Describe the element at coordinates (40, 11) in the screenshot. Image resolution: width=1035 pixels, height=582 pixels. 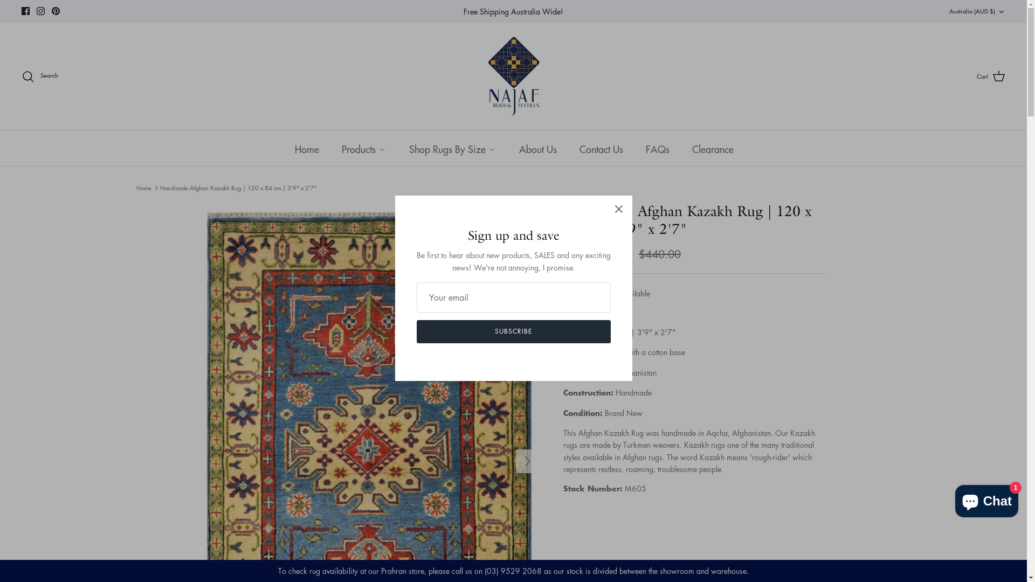
I see `'Instagram'` at that location.